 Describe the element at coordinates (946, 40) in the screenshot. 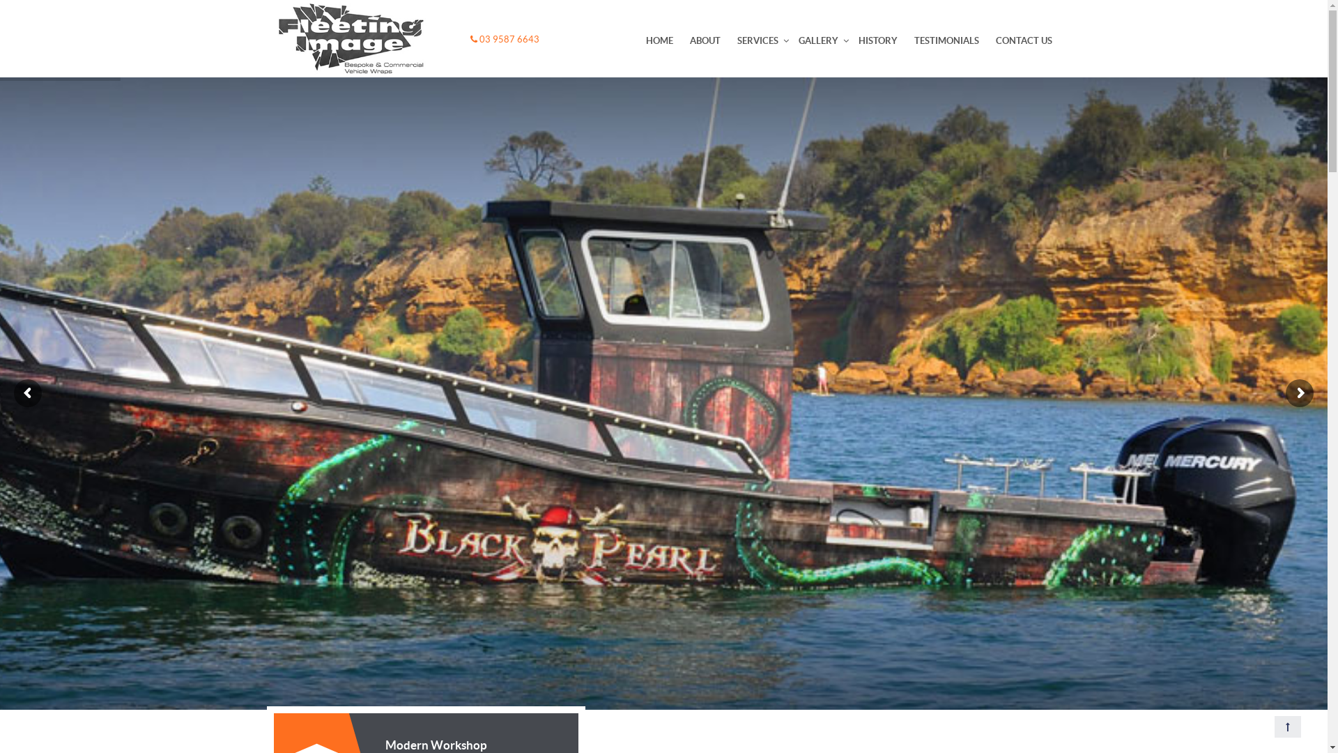

I see `'TESTIMONIALS'` at that location.